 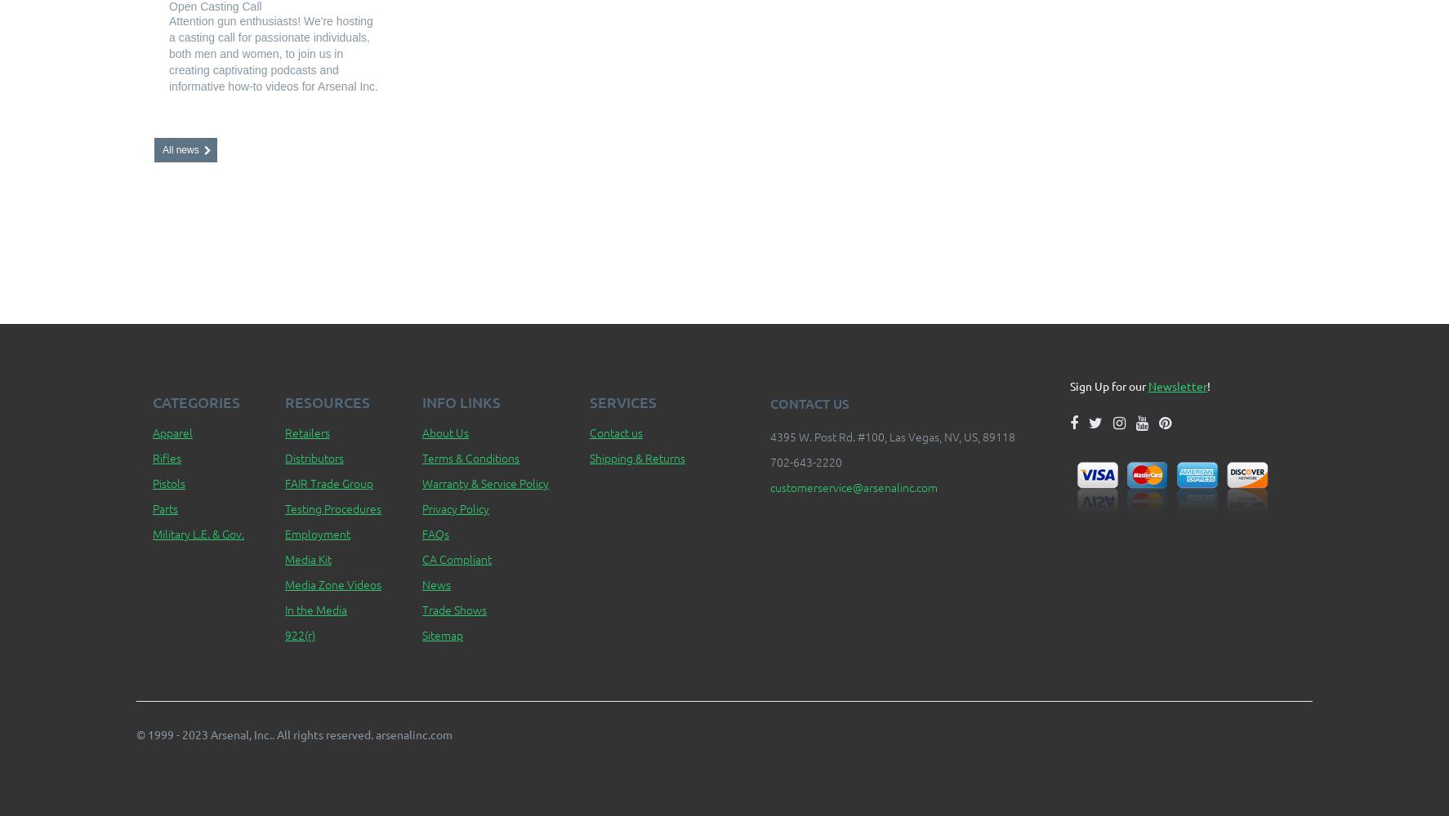 What do you see at coordinates (454, 508) in the screenshot?
I see `'Privacy Policy'` at bounding box center [454, 508].